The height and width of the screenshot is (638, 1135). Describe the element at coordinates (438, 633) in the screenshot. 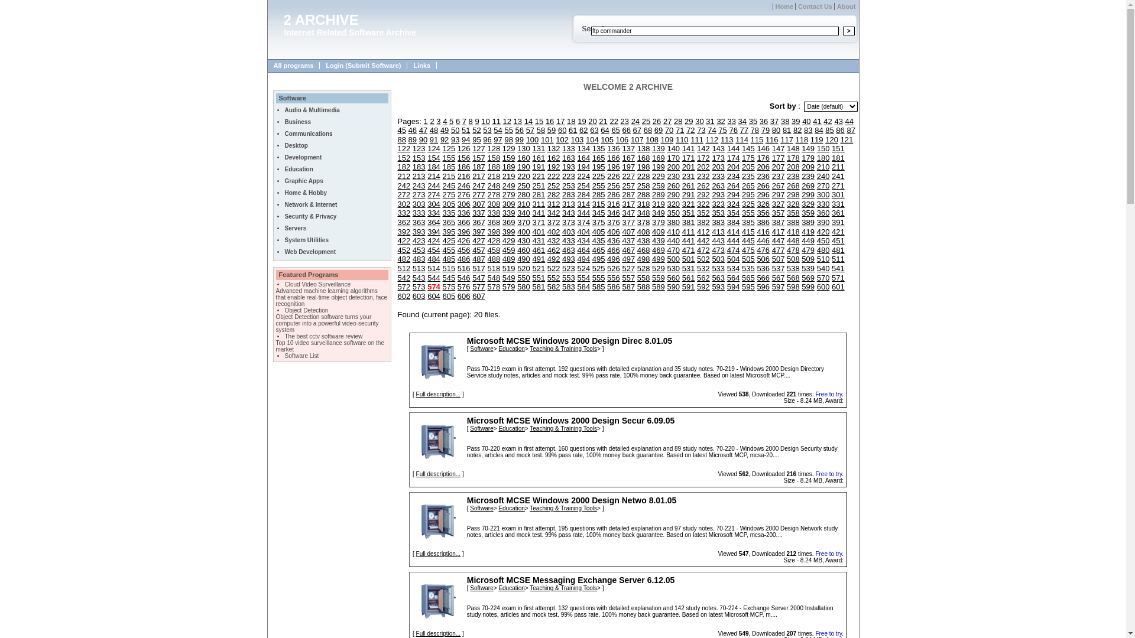

I see `'Full description...'` at that location.